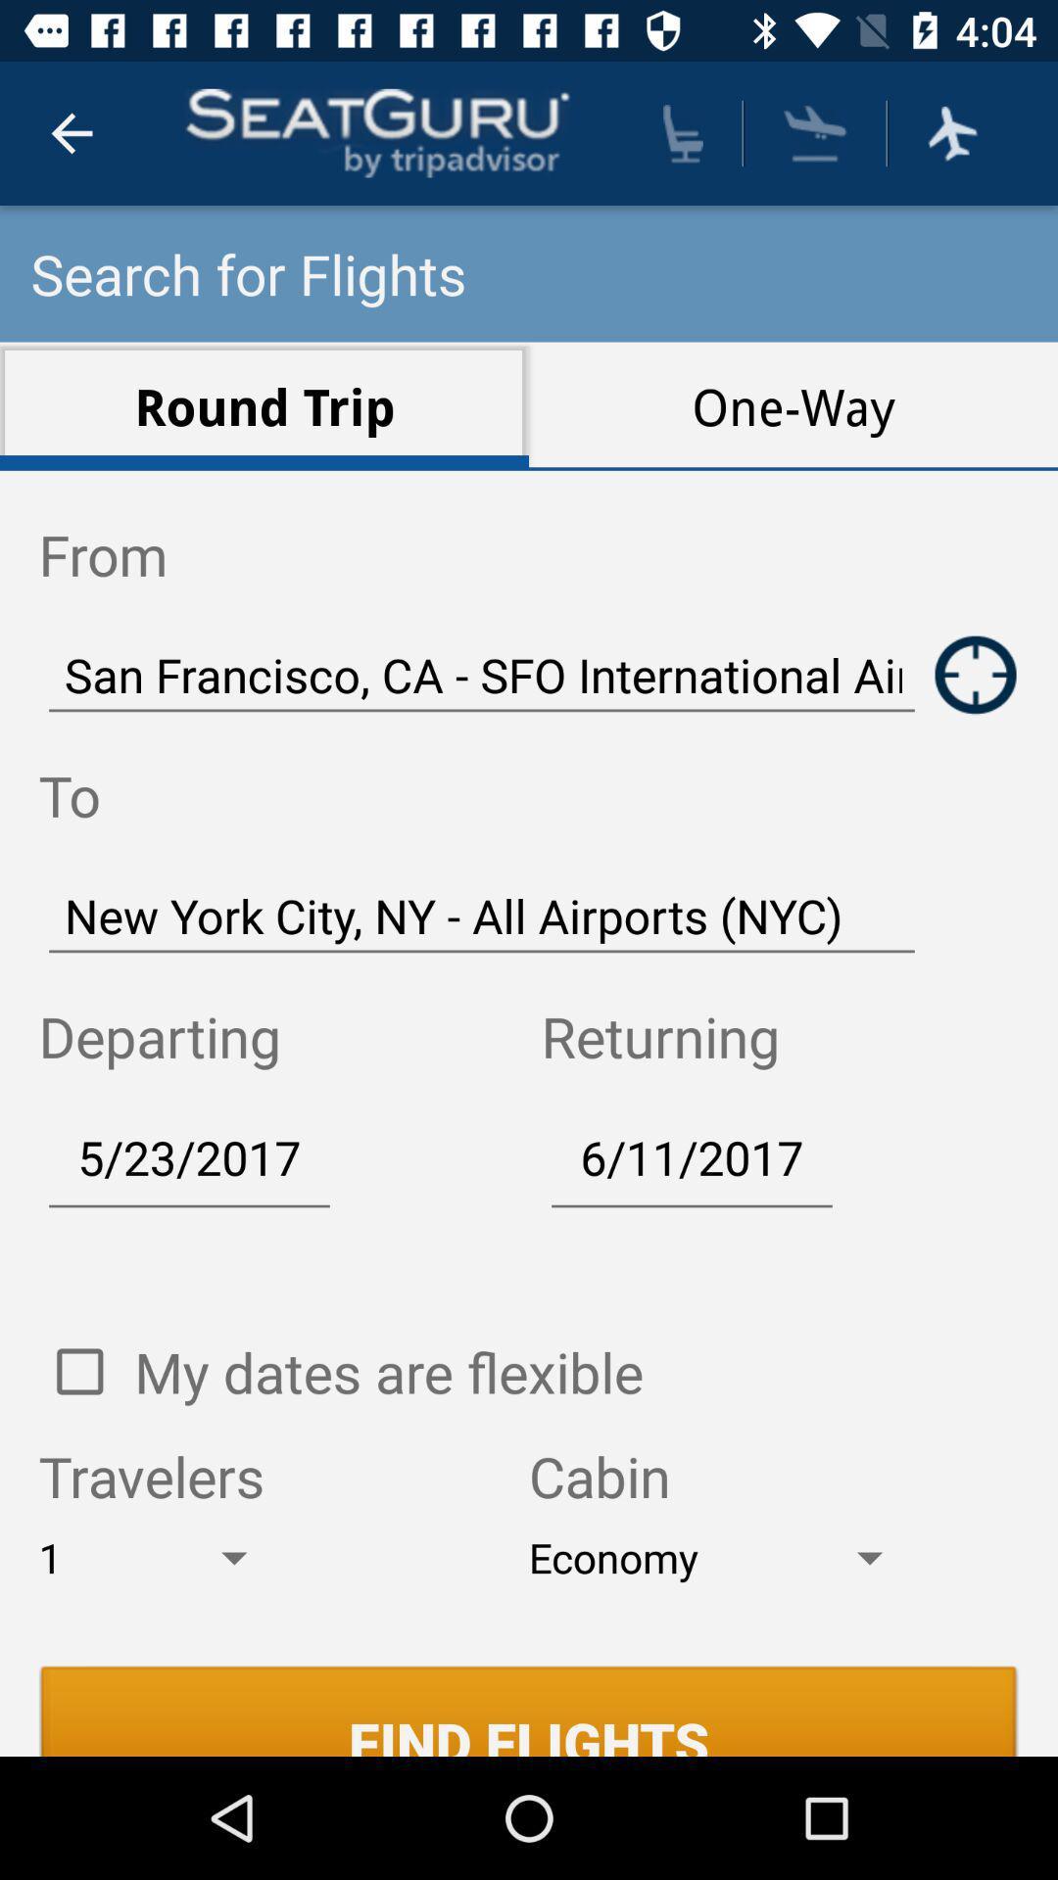 This screenshot has width=1058, height=1880. I want to click on the item to the right of 5/23/2017 icon, so click(691, 1156).